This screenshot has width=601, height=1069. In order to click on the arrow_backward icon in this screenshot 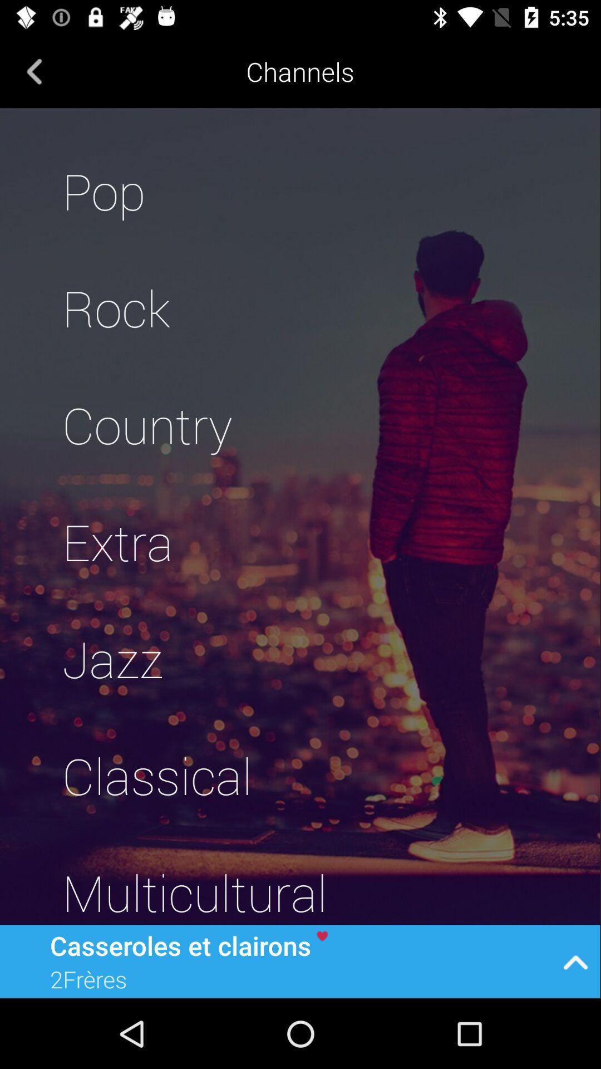, I will do `click(34, 71)`.